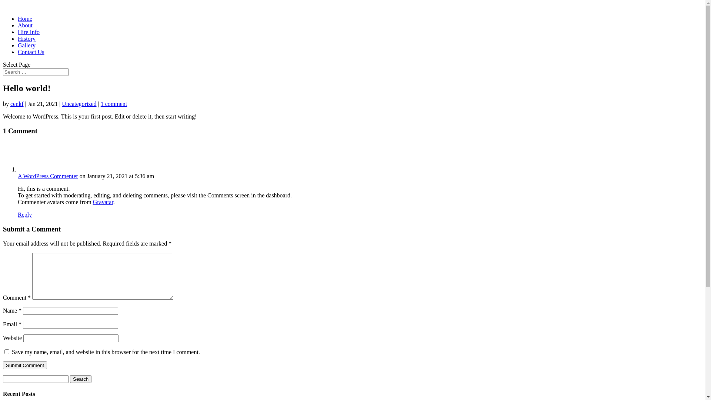 Image resolution: width=711 pixels, height=400 pixels. Describe the element at coordinates (80, 379) in the screenshot. I see `'Search'` at that location.